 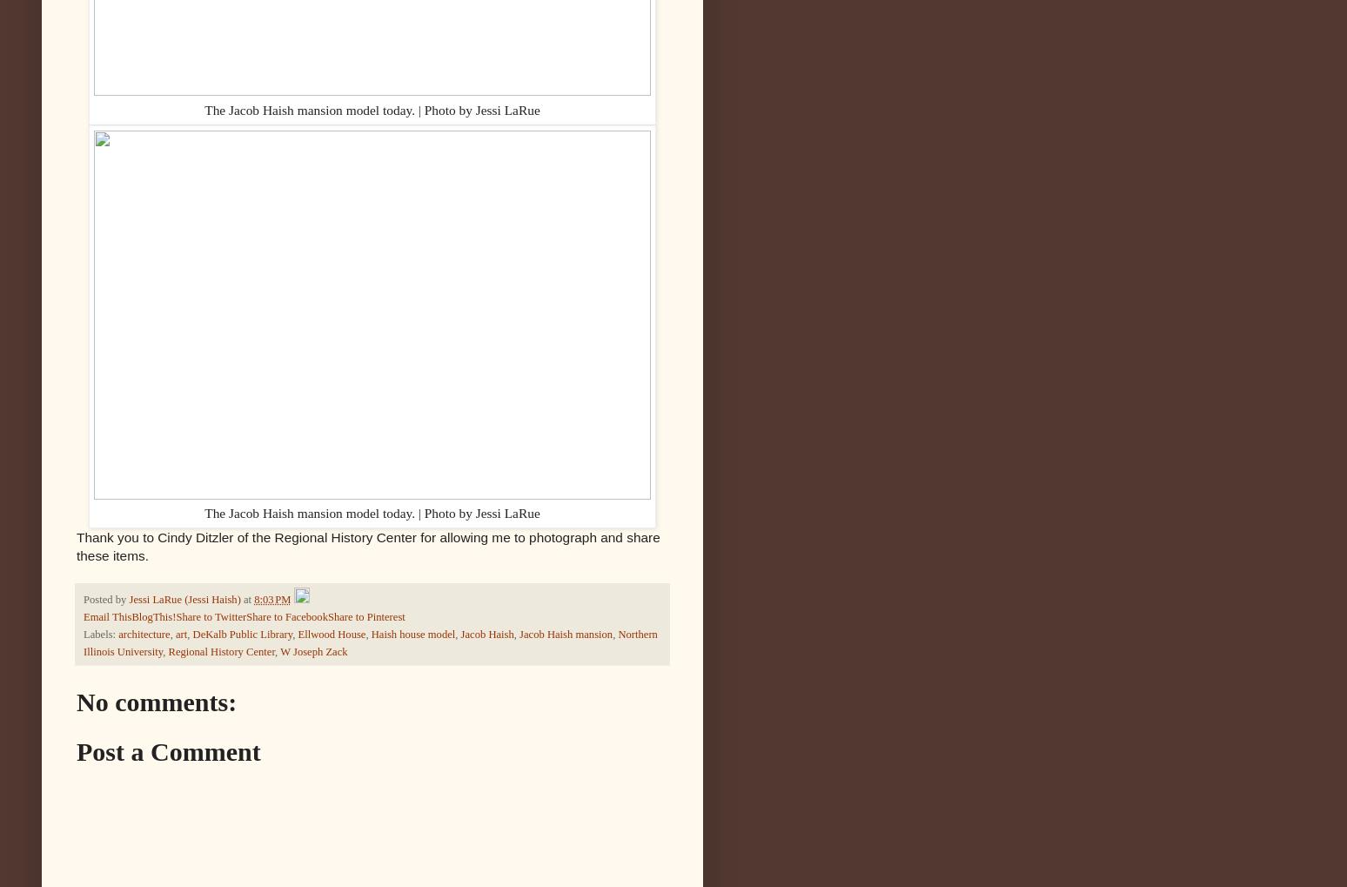 I want to click on 'architecture', so click(x=144, y=634).